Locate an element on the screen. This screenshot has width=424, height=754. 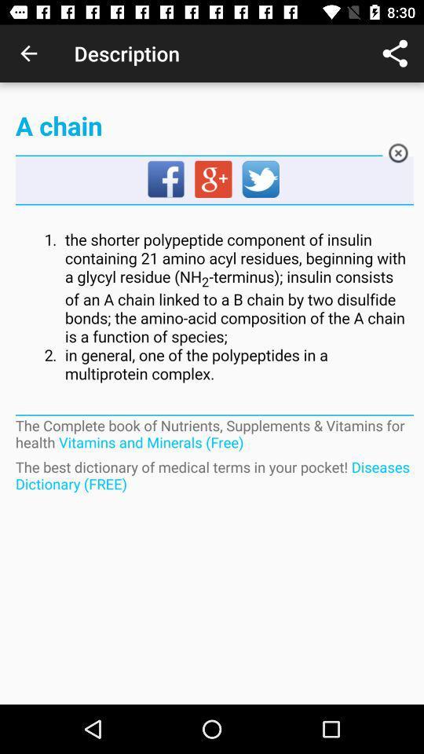
google account switch option is located at coordinates (214, 180).